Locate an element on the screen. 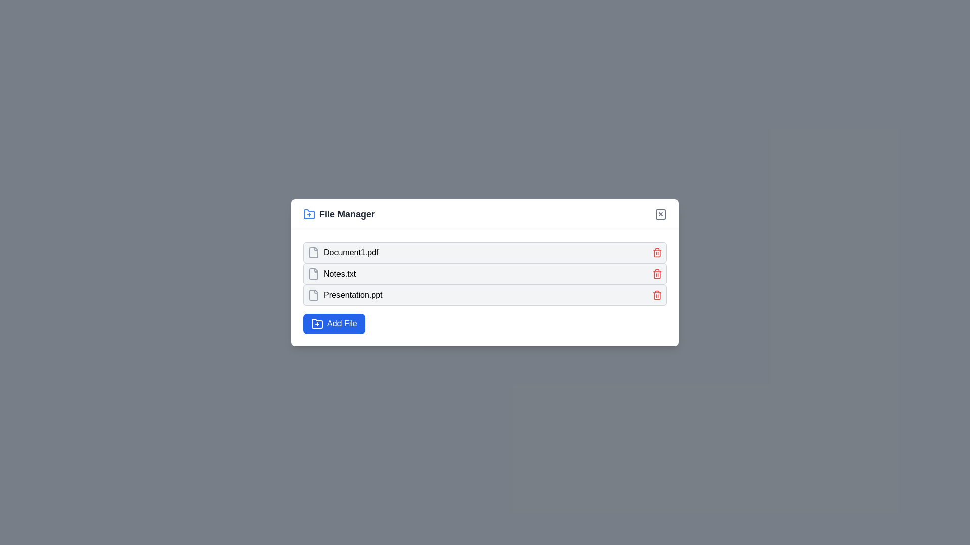  the small, gray rounded rectangle in the top-right corner of the 'File Manager' modal, which functions as part of the close button is located at coordinates (661, 213).